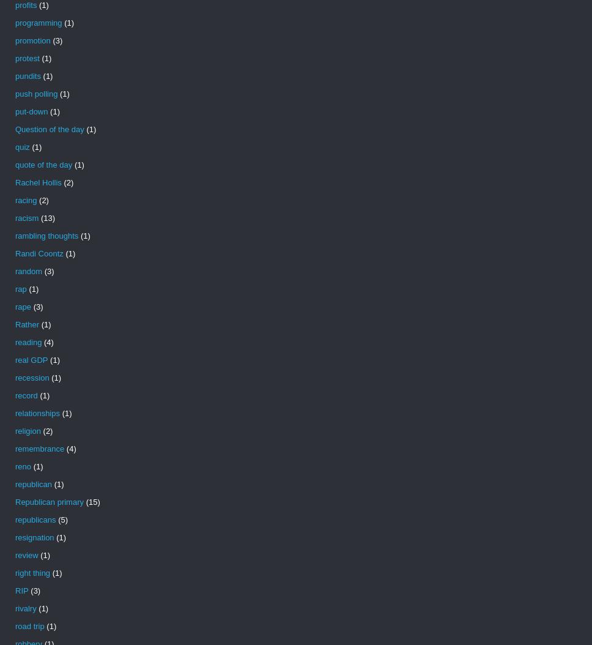  What do you see at coordinates (31, 359) in the screenshot?
I see `'real GDP'` at bounding box center [31, 359].